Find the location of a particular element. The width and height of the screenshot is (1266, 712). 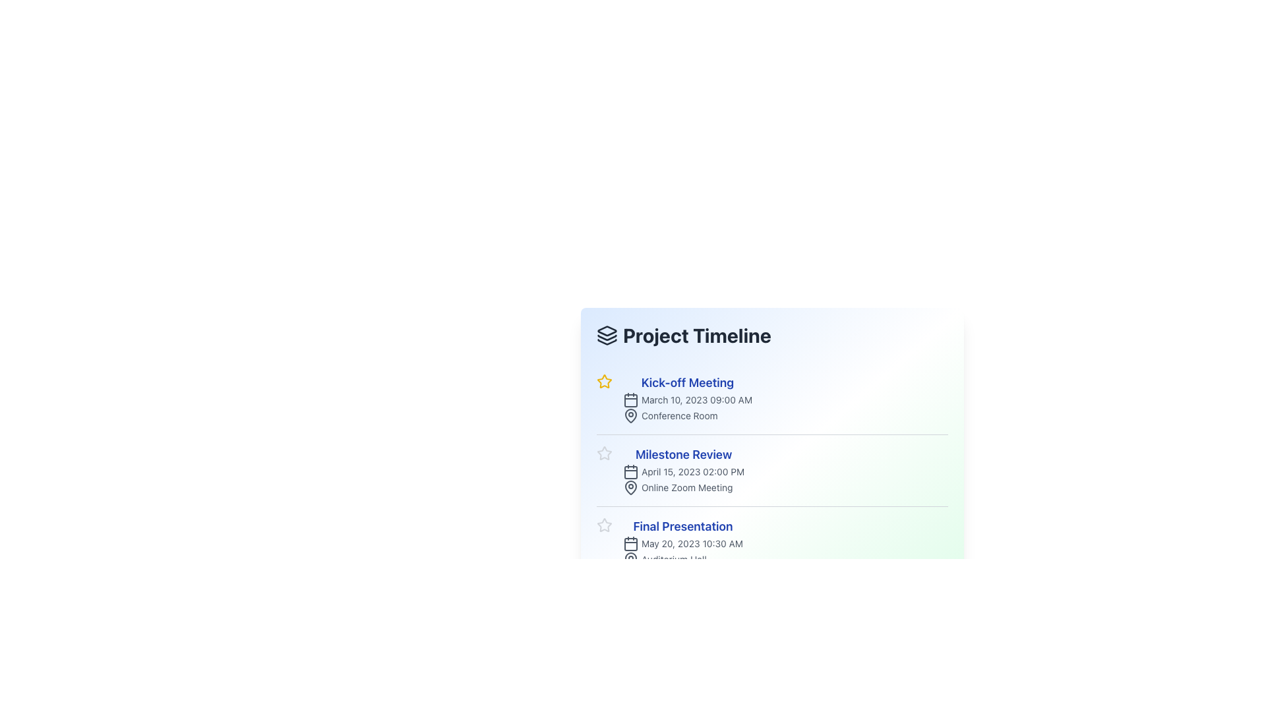

the star-shaped icon with a yellow outline located to the left of the 'Kick-off Meeting' text label is located at coordinates (603, 381).